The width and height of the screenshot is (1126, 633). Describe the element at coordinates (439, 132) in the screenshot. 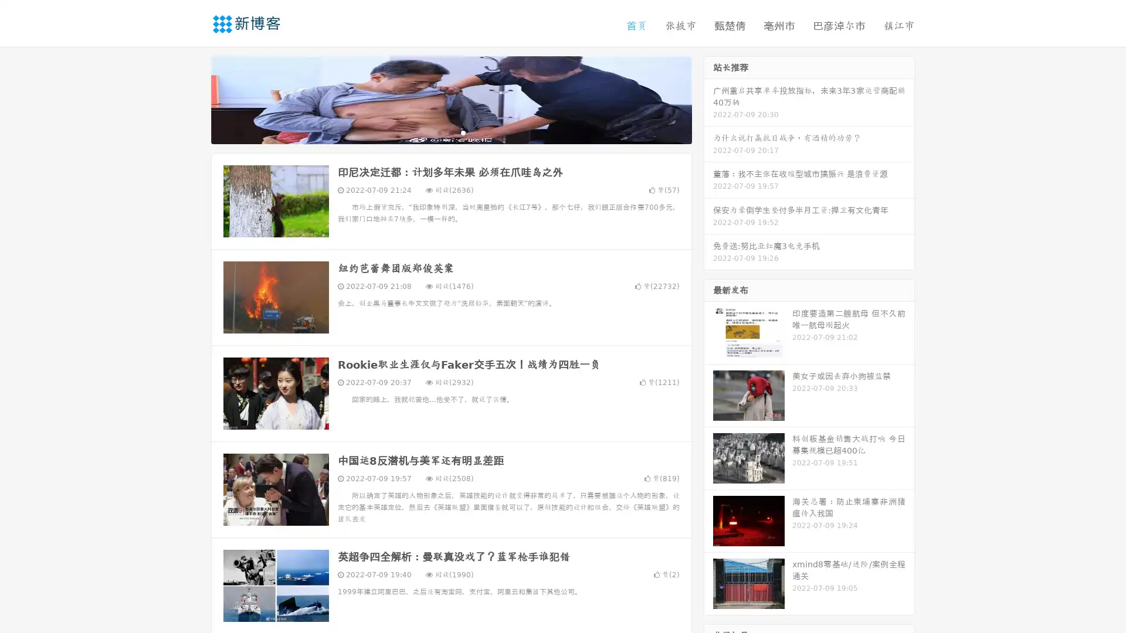

I see `Go to slide 1` at that location.